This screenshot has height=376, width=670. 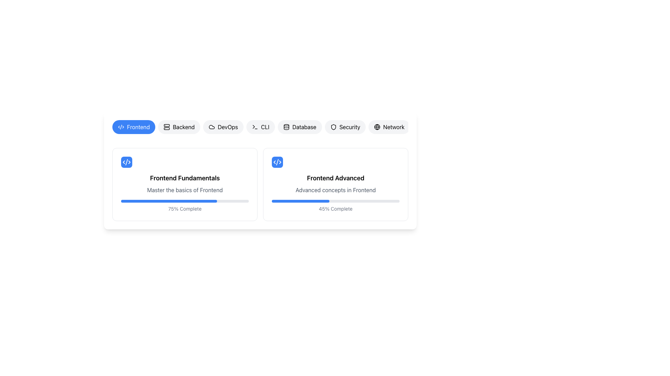 I want to click on the 'DevOps' text label within the button element, which features a cloud icon to its left and changes color on hover, so click(x=228, y=127).